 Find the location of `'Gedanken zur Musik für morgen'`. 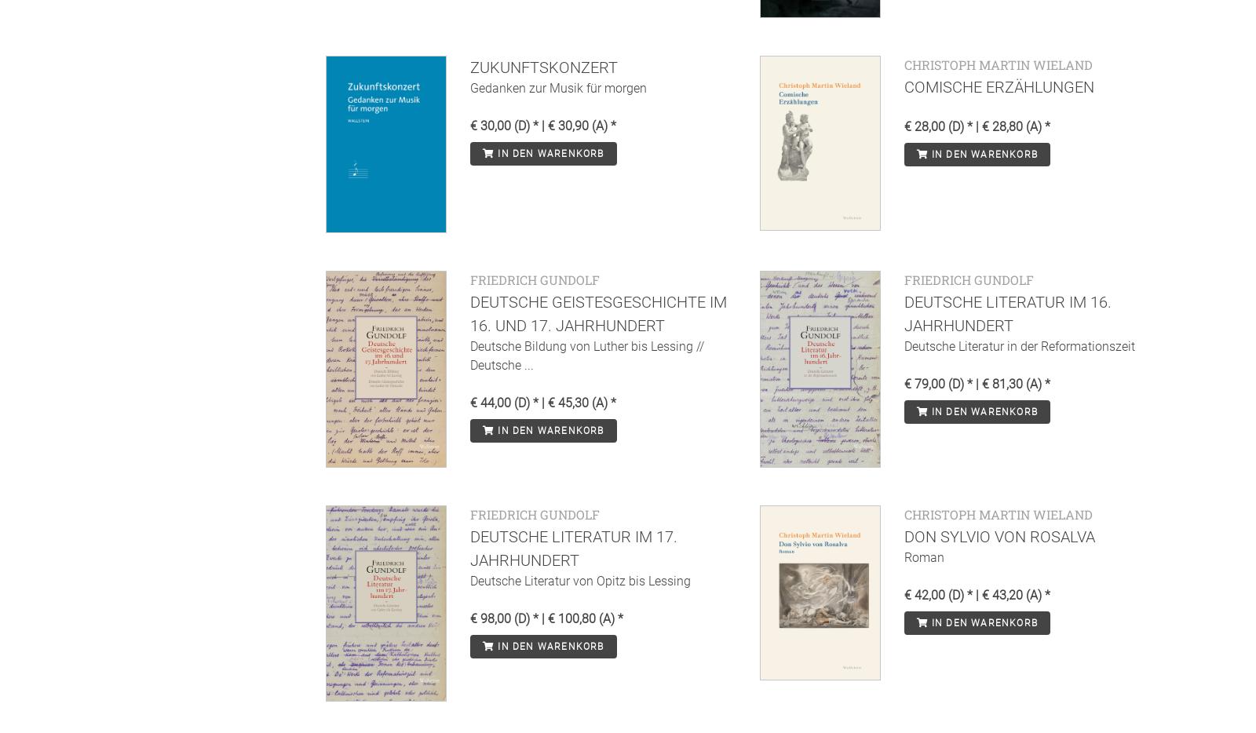

'Gedanken zur Musik für morgen' is located at coordinates (558, 86).